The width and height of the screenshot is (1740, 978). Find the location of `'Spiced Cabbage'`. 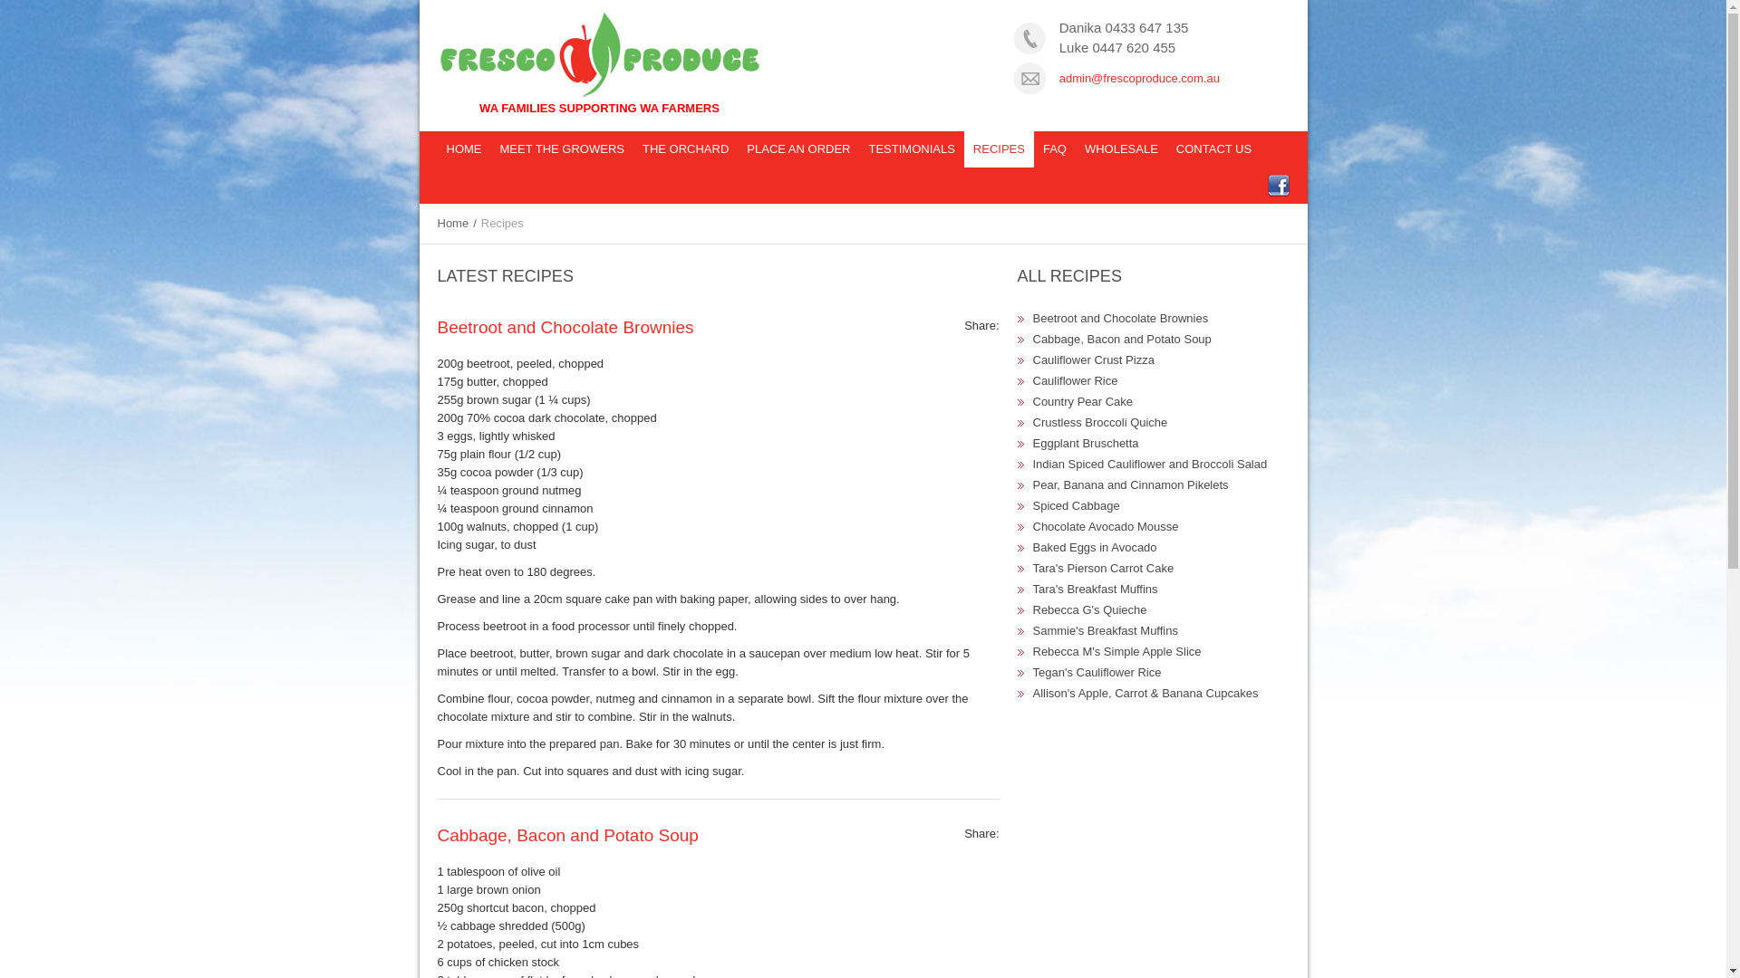

'Spiced Cabbage' is located at coordinates (1077, 505).